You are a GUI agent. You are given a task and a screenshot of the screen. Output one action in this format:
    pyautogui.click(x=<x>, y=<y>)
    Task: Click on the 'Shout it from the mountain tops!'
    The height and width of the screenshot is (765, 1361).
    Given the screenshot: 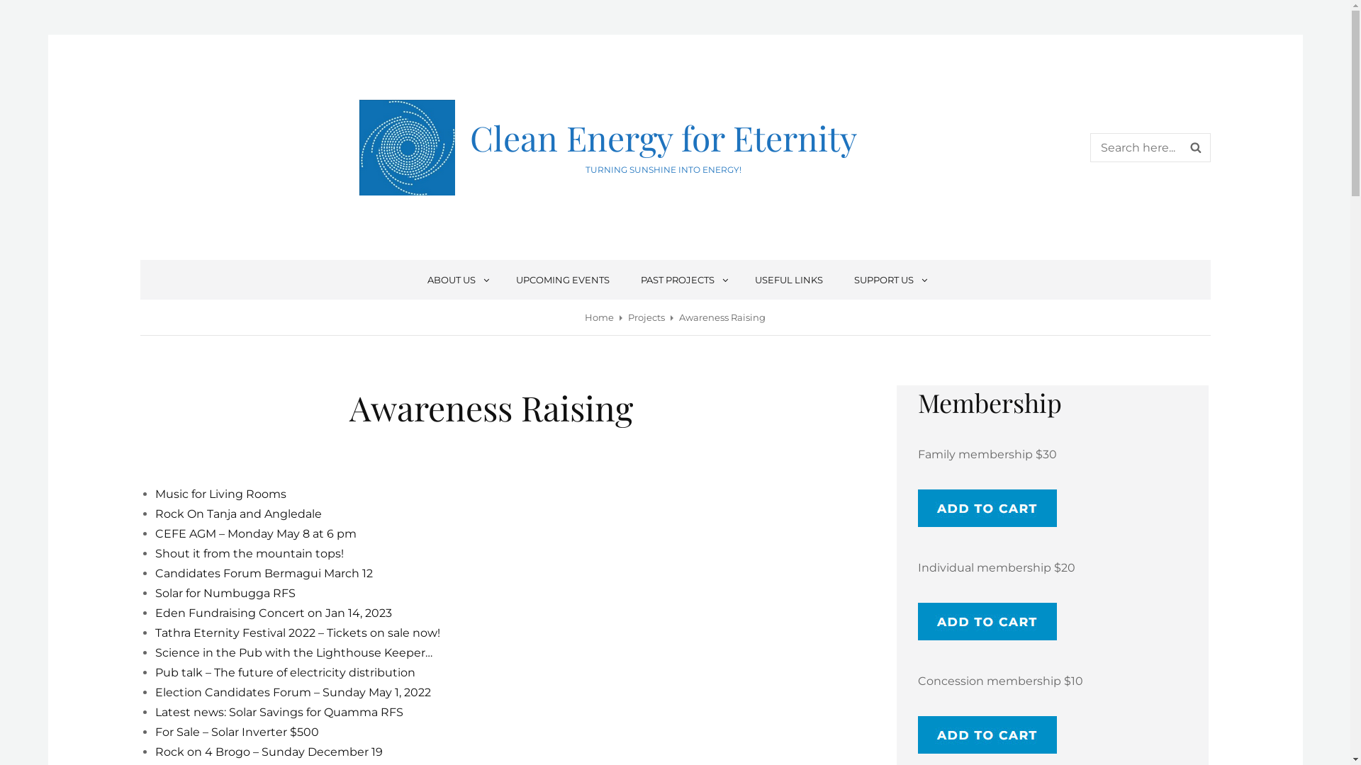 What is the action you would take?
    pyautogui.click(x=248, y=552)
    